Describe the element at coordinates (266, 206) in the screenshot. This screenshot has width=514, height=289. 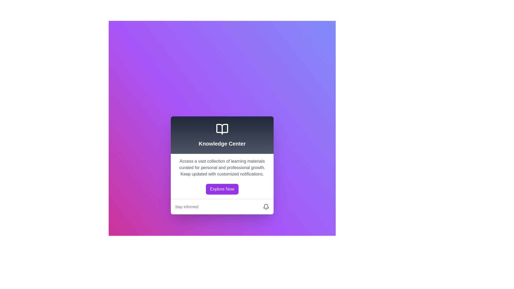
I see `the bell icon in the 'Stay Informed' section, which indicates notifications or alerts` at that location.